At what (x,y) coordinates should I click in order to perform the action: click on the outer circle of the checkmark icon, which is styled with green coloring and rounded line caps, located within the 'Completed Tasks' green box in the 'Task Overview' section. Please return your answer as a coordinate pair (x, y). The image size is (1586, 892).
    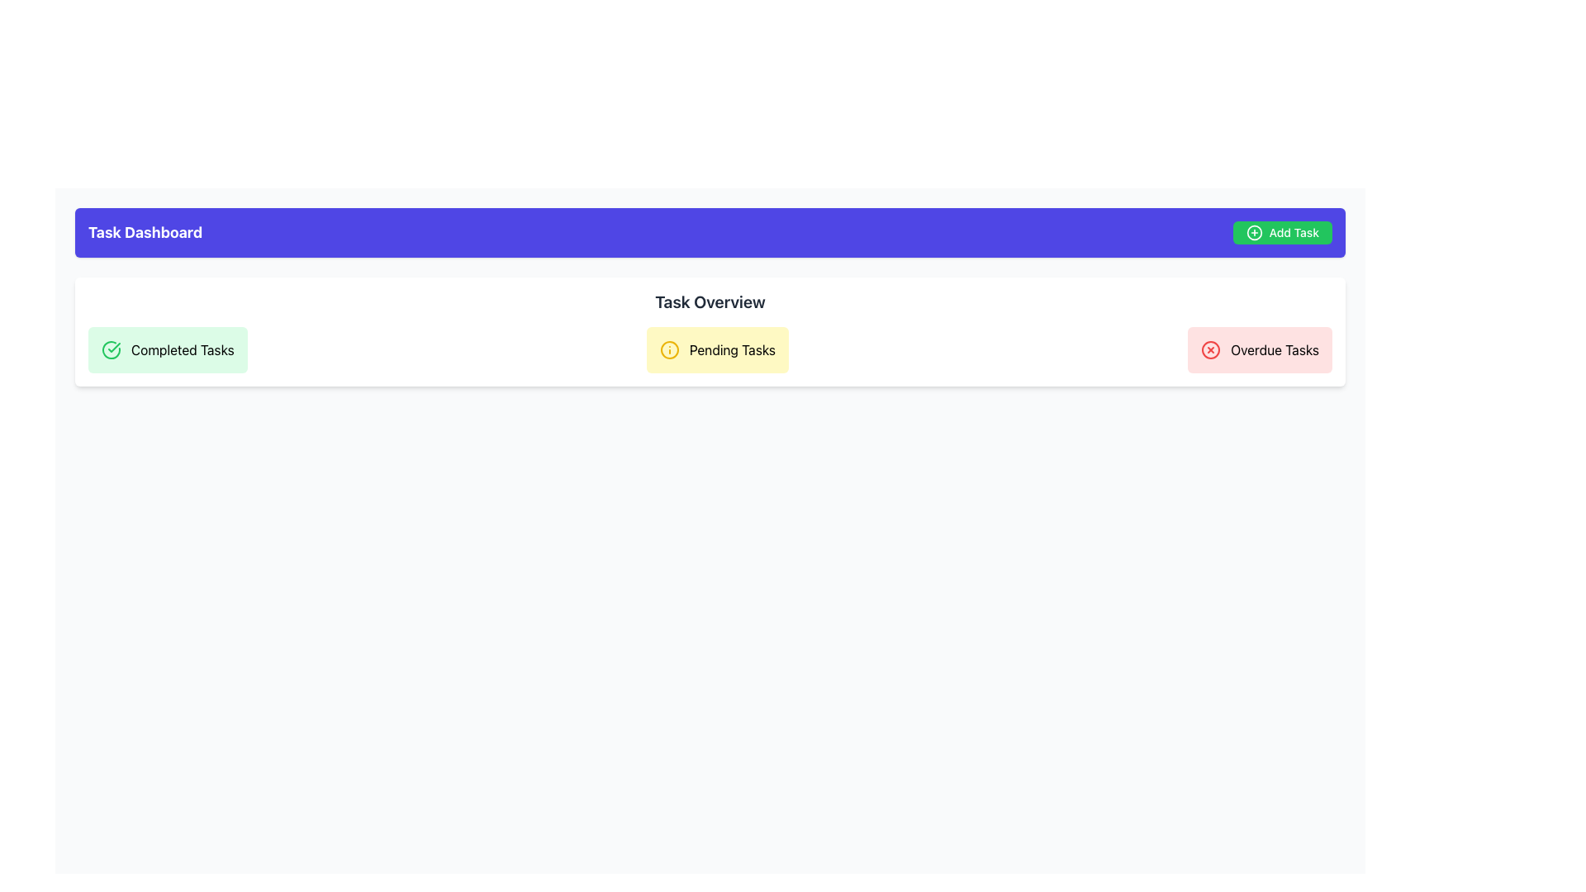
    Looking at the image, I should click on (110, 349).